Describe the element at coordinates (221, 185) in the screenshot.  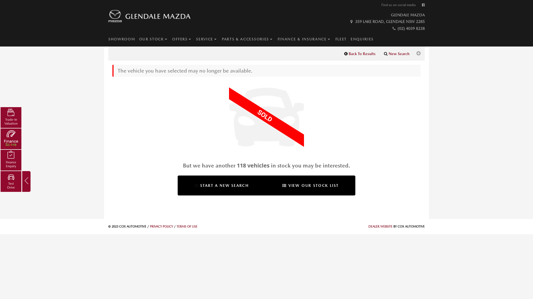
I see `'START A NEW SEARCH'` at that location.